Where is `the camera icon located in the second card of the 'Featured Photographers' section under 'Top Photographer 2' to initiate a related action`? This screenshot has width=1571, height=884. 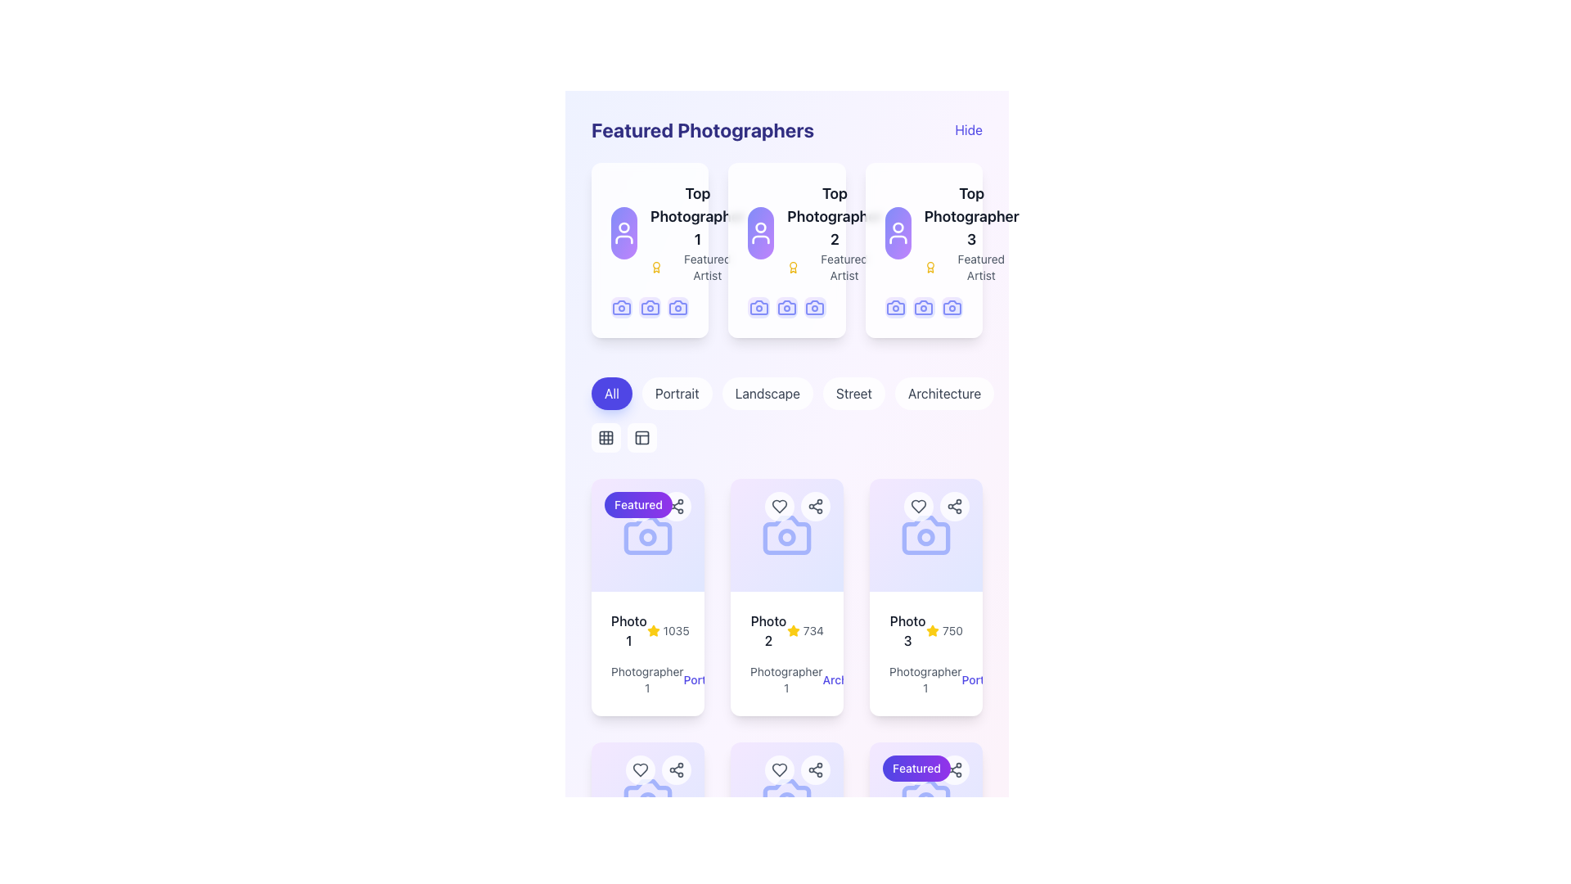 the camera icon located in the second card of the 'Featured Photographers' section under 'Top Photographer 2' to initiate a related action is located at coordinates (815, 308).